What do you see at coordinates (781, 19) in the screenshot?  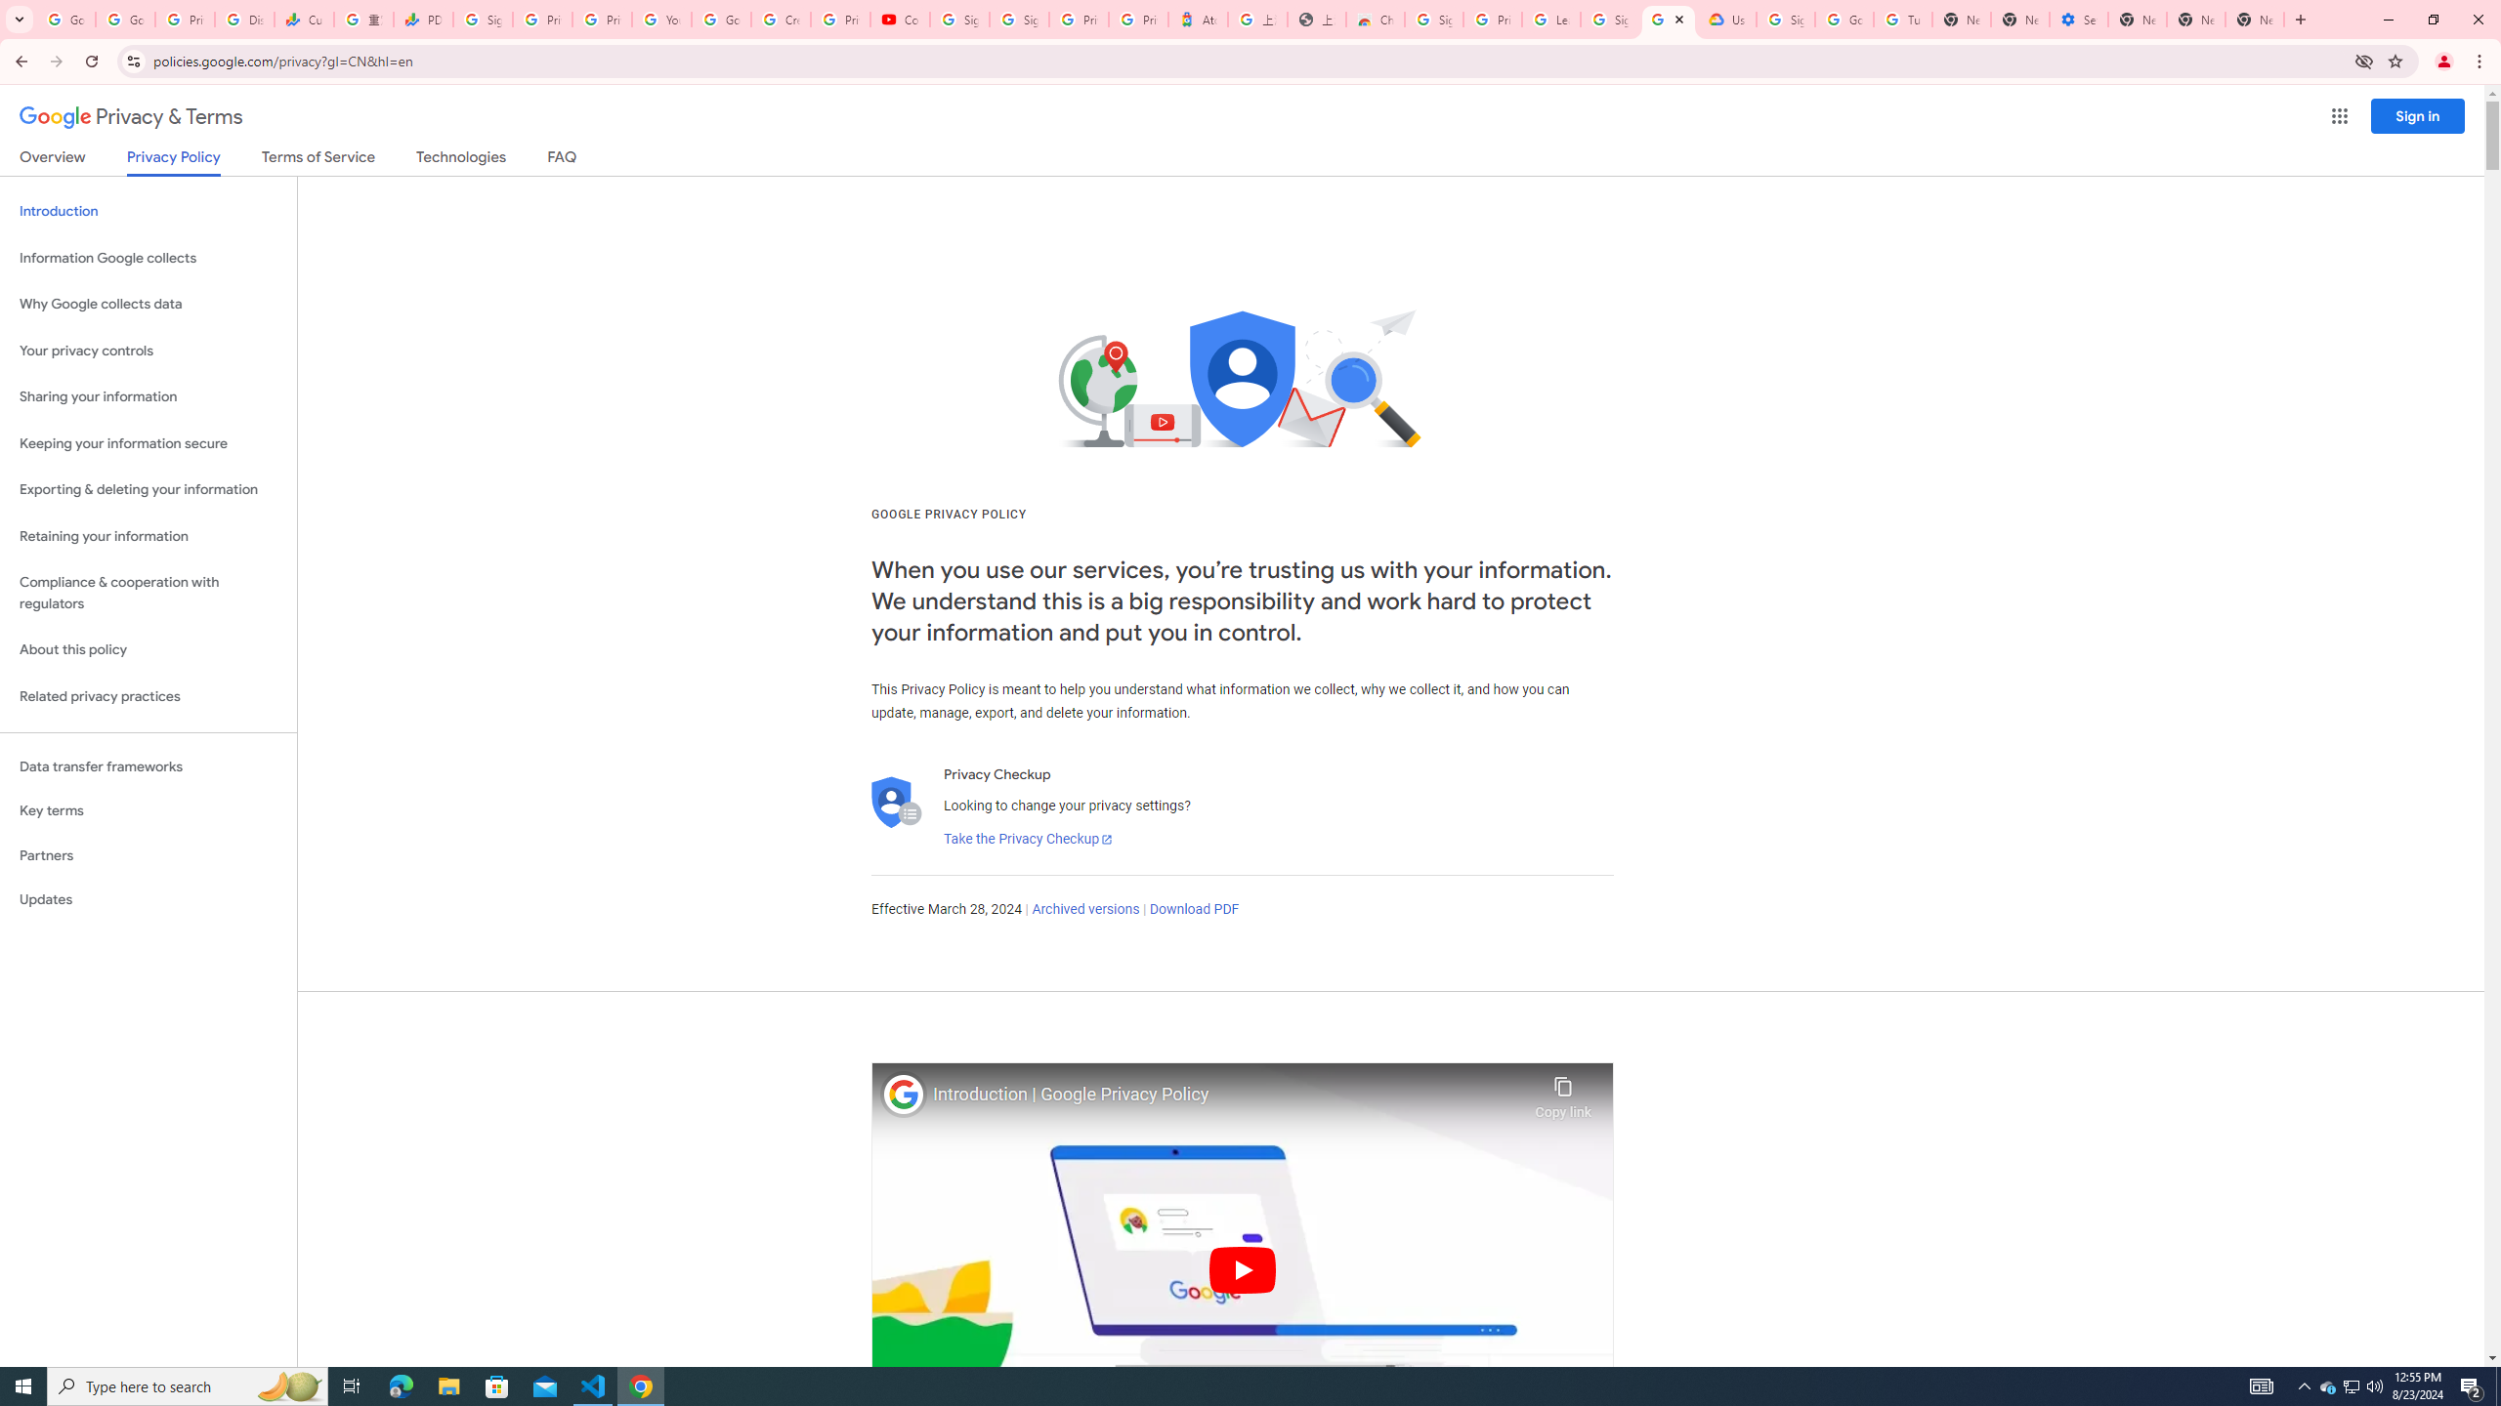 I see `'Create your Google Account'` at bounding box center [781, 19].